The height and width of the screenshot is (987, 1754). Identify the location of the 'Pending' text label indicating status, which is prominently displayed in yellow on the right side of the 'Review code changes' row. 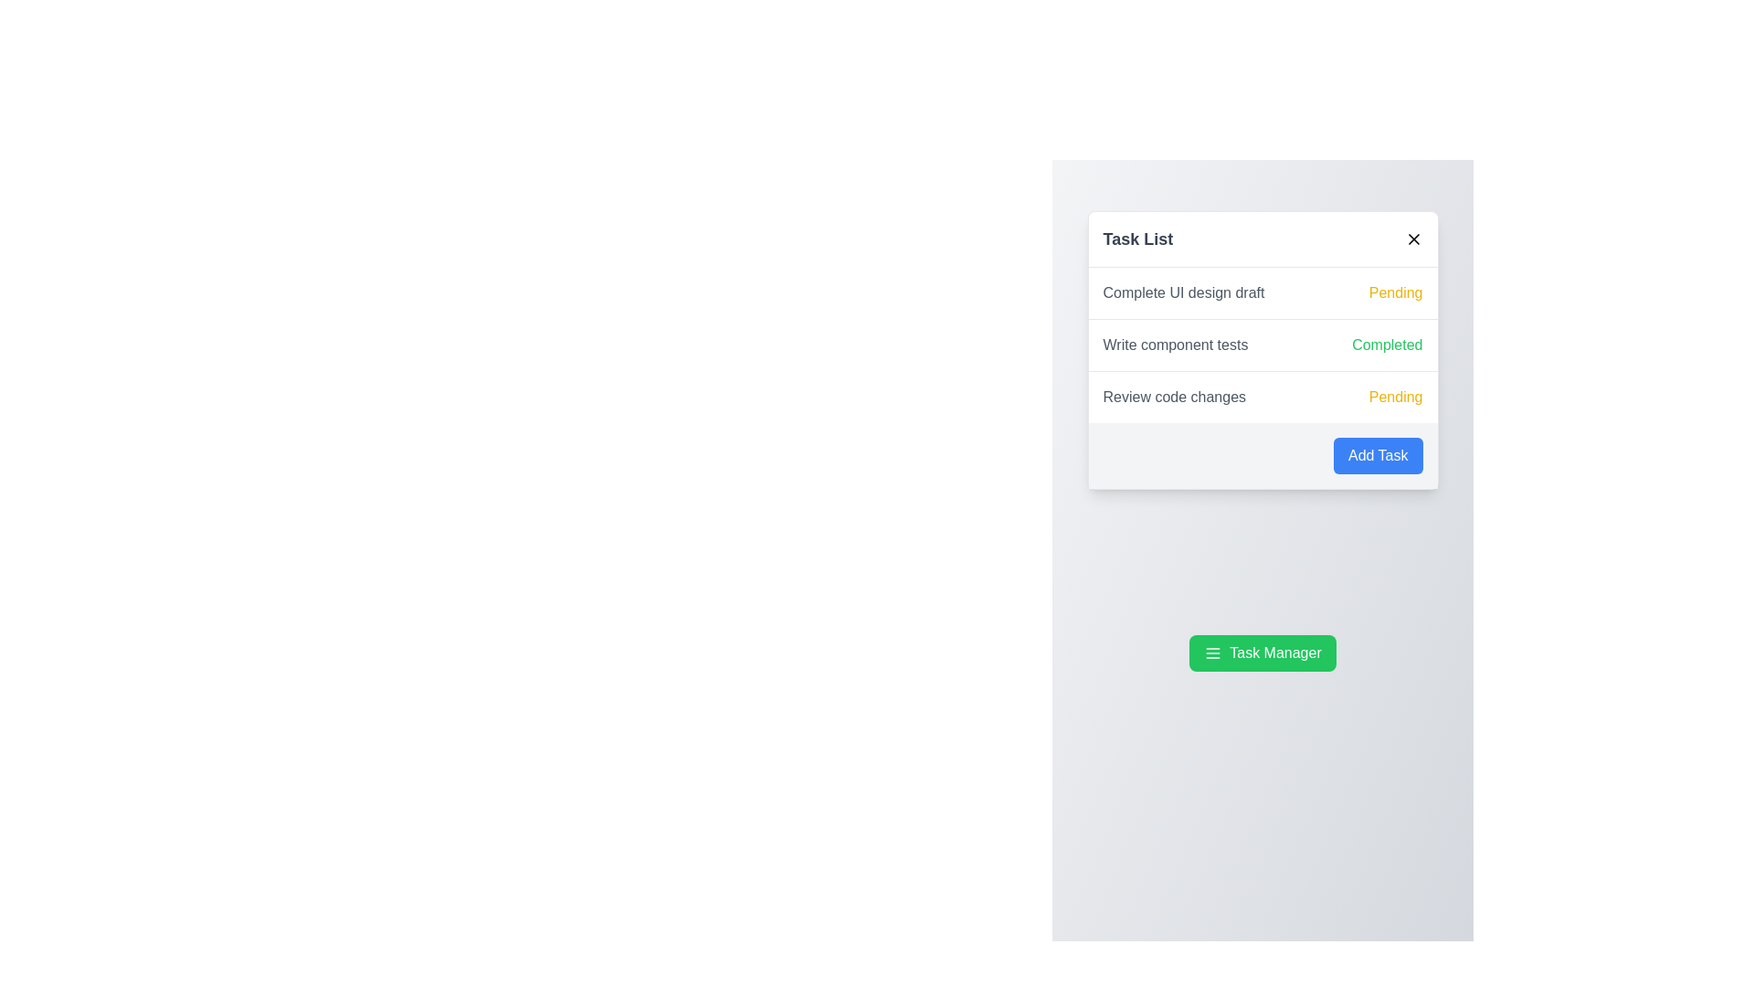
(1395, 397).